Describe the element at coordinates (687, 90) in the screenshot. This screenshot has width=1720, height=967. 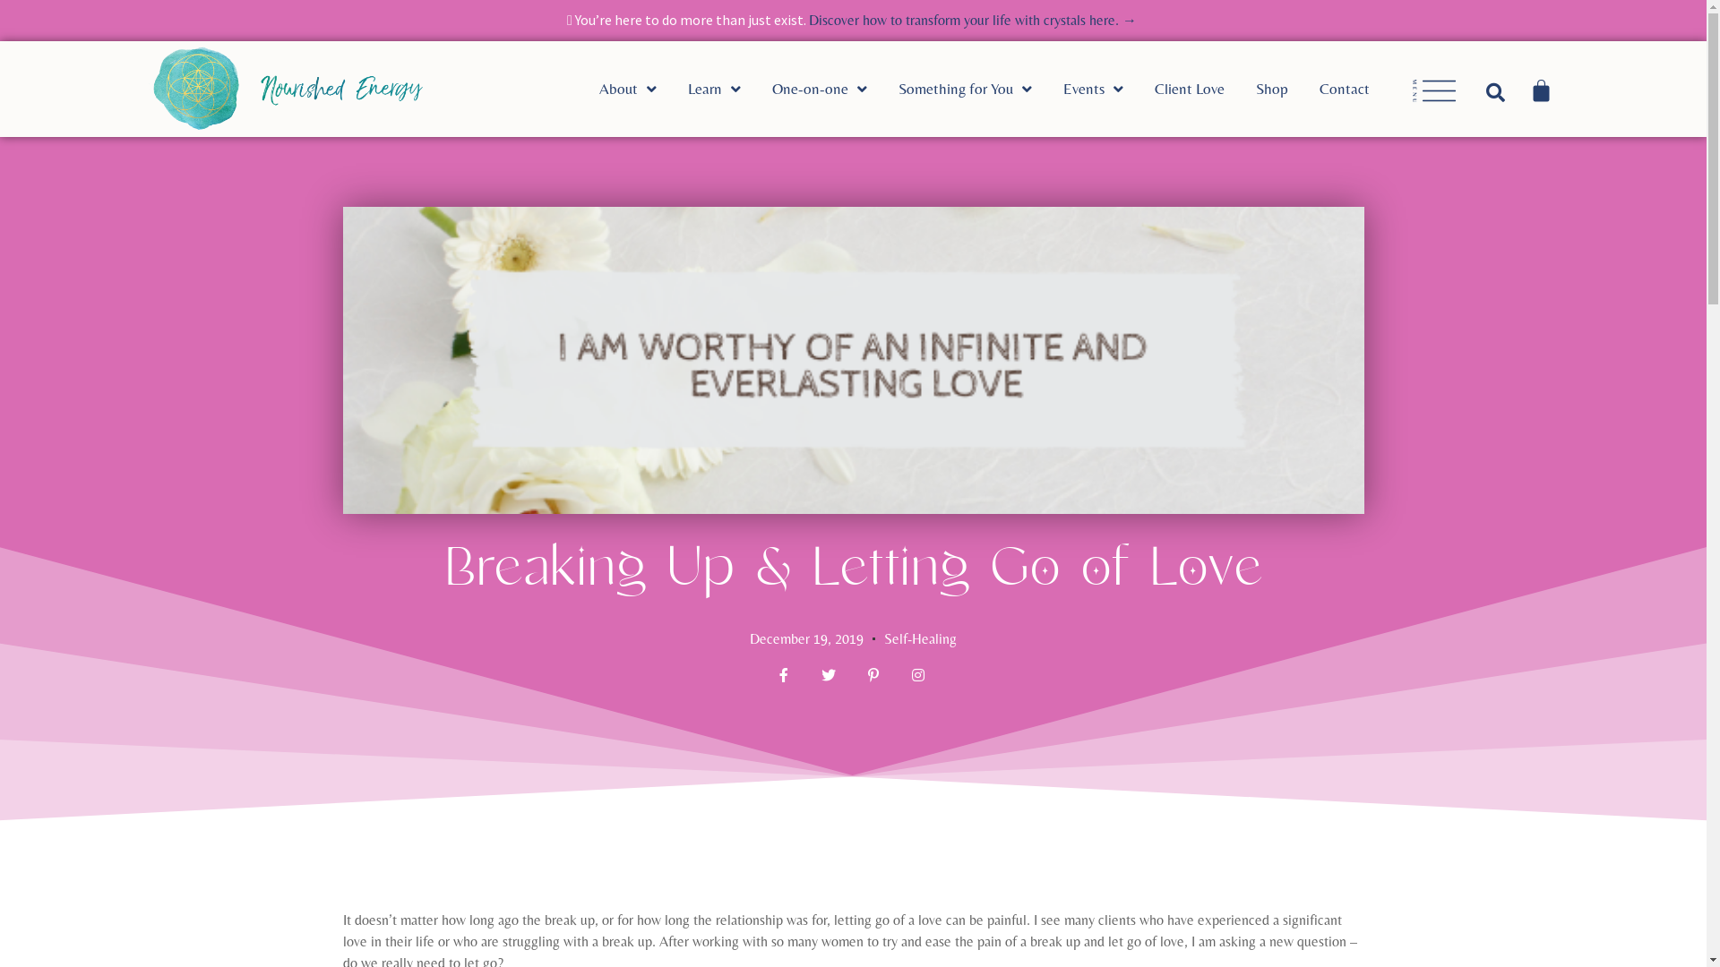
I see `'Learn'` at that location.